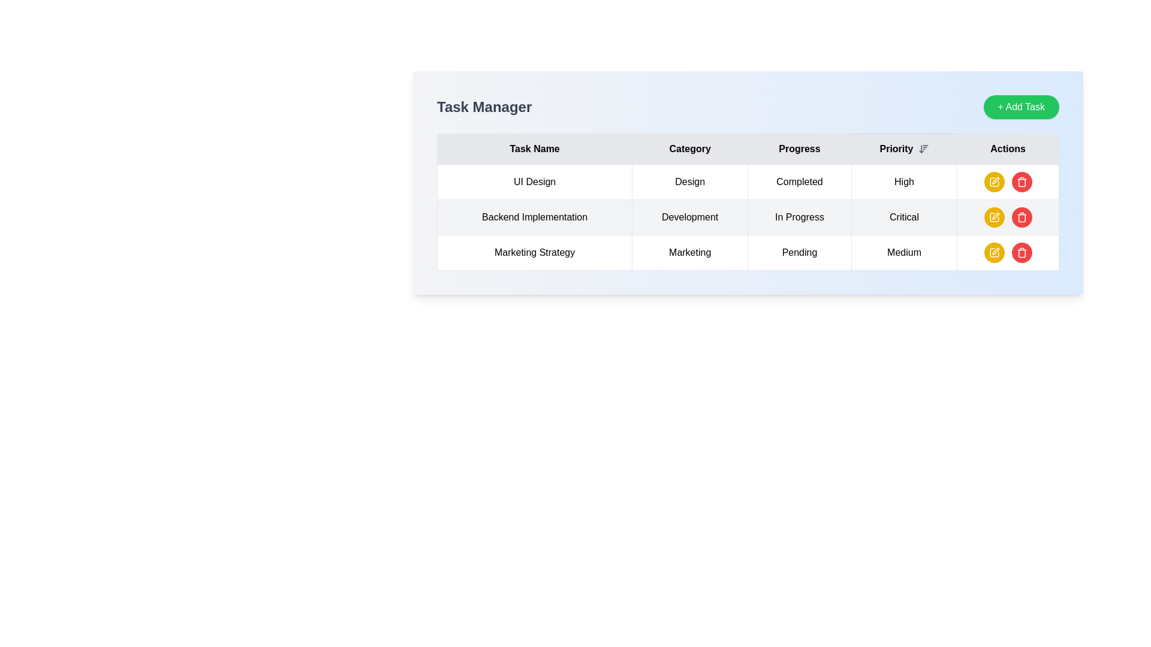 The height and width of the screenshot is (647, 1151). Describe the element at coordinates (800, 252) in the screenshot. I see `the 'Pending' text label in the 'Progress' column of the last row of the task management table for 'Marketing Strategy' with Medium priority` at that location.